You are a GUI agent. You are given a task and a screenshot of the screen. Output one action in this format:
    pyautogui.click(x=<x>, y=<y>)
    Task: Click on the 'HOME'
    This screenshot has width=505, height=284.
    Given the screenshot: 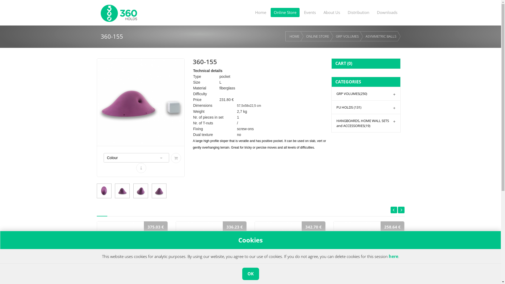 What is the action you would take?
    pyautogui.click(x=294, y=36)
    